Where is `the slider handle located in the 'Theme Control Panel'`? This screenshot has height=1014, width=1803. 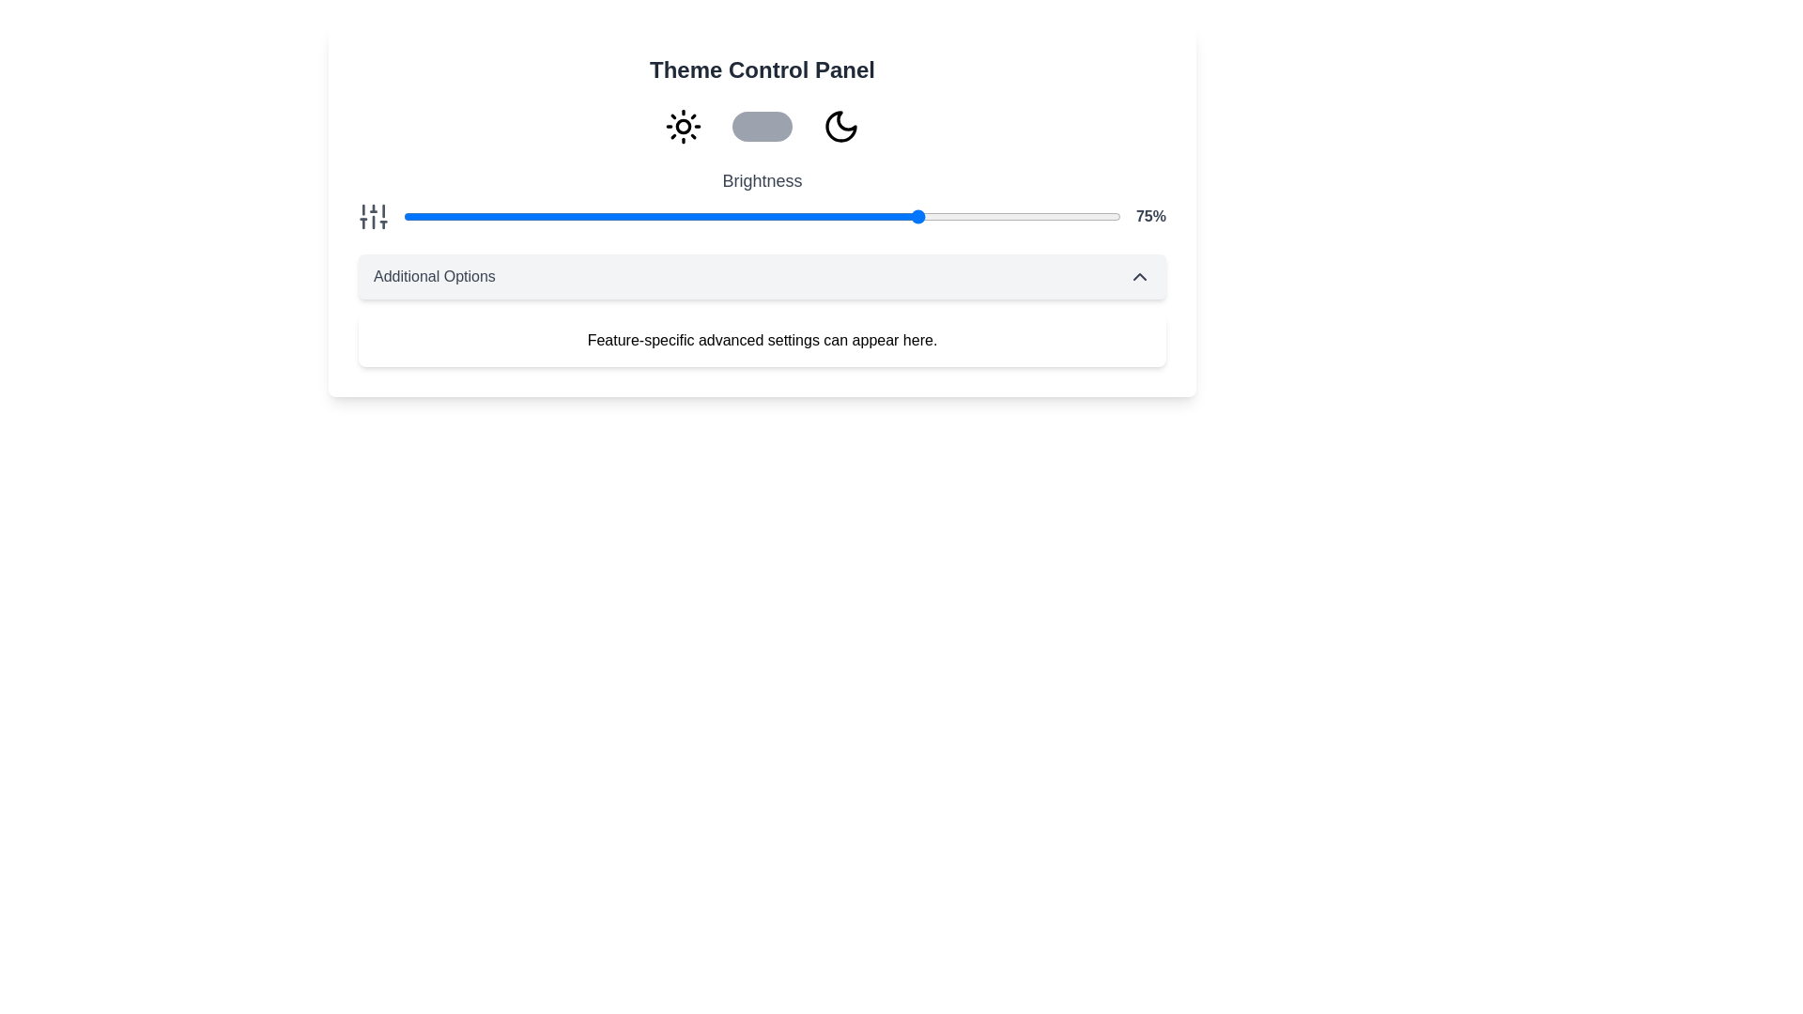 the slider handle located in the 'Theme Control Panel' is located at coordinates (762, 199).